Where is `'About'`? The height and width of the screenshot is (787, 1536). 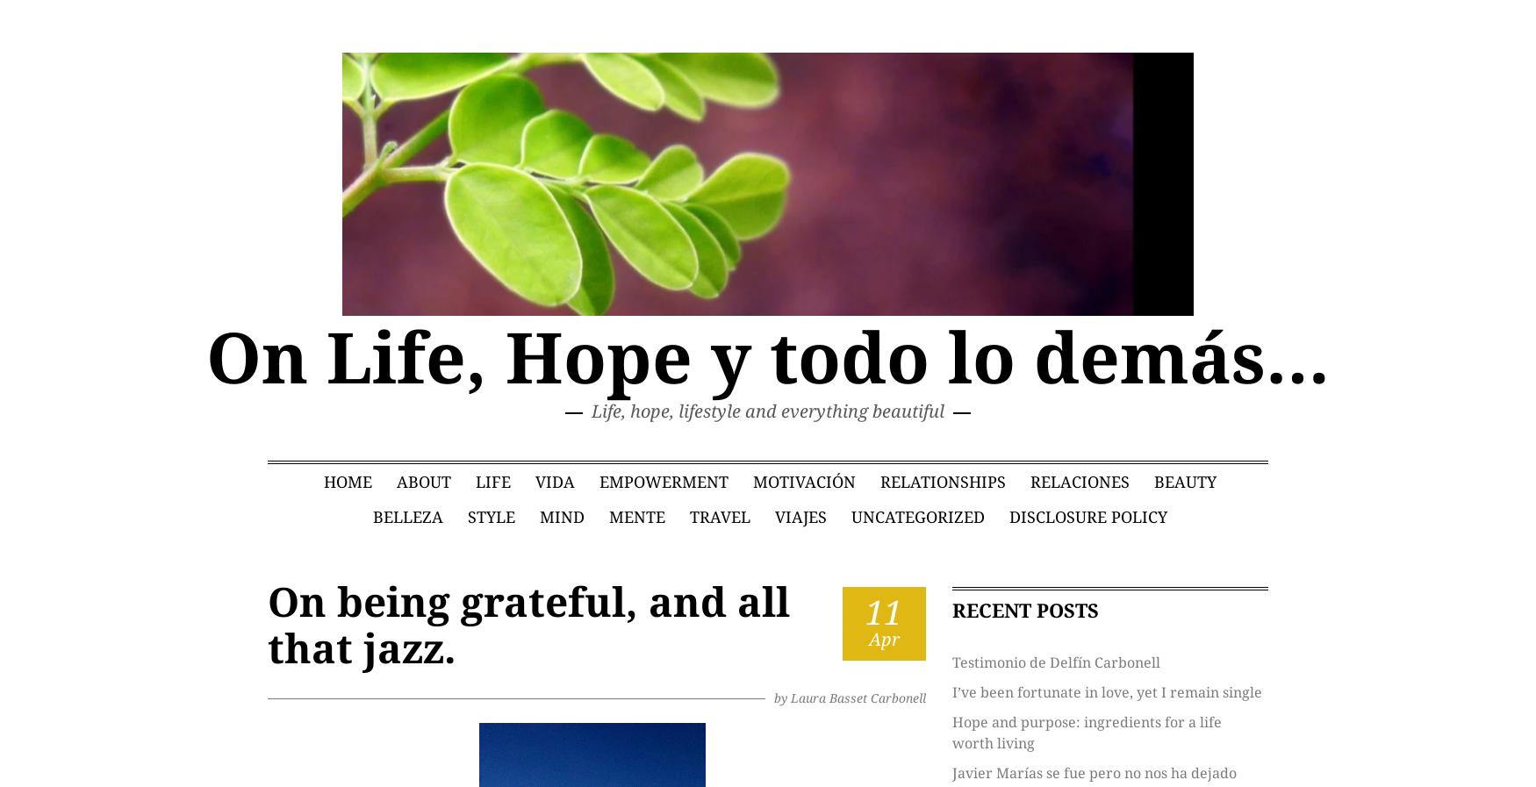
'About' is located at coordinates (422, 481).